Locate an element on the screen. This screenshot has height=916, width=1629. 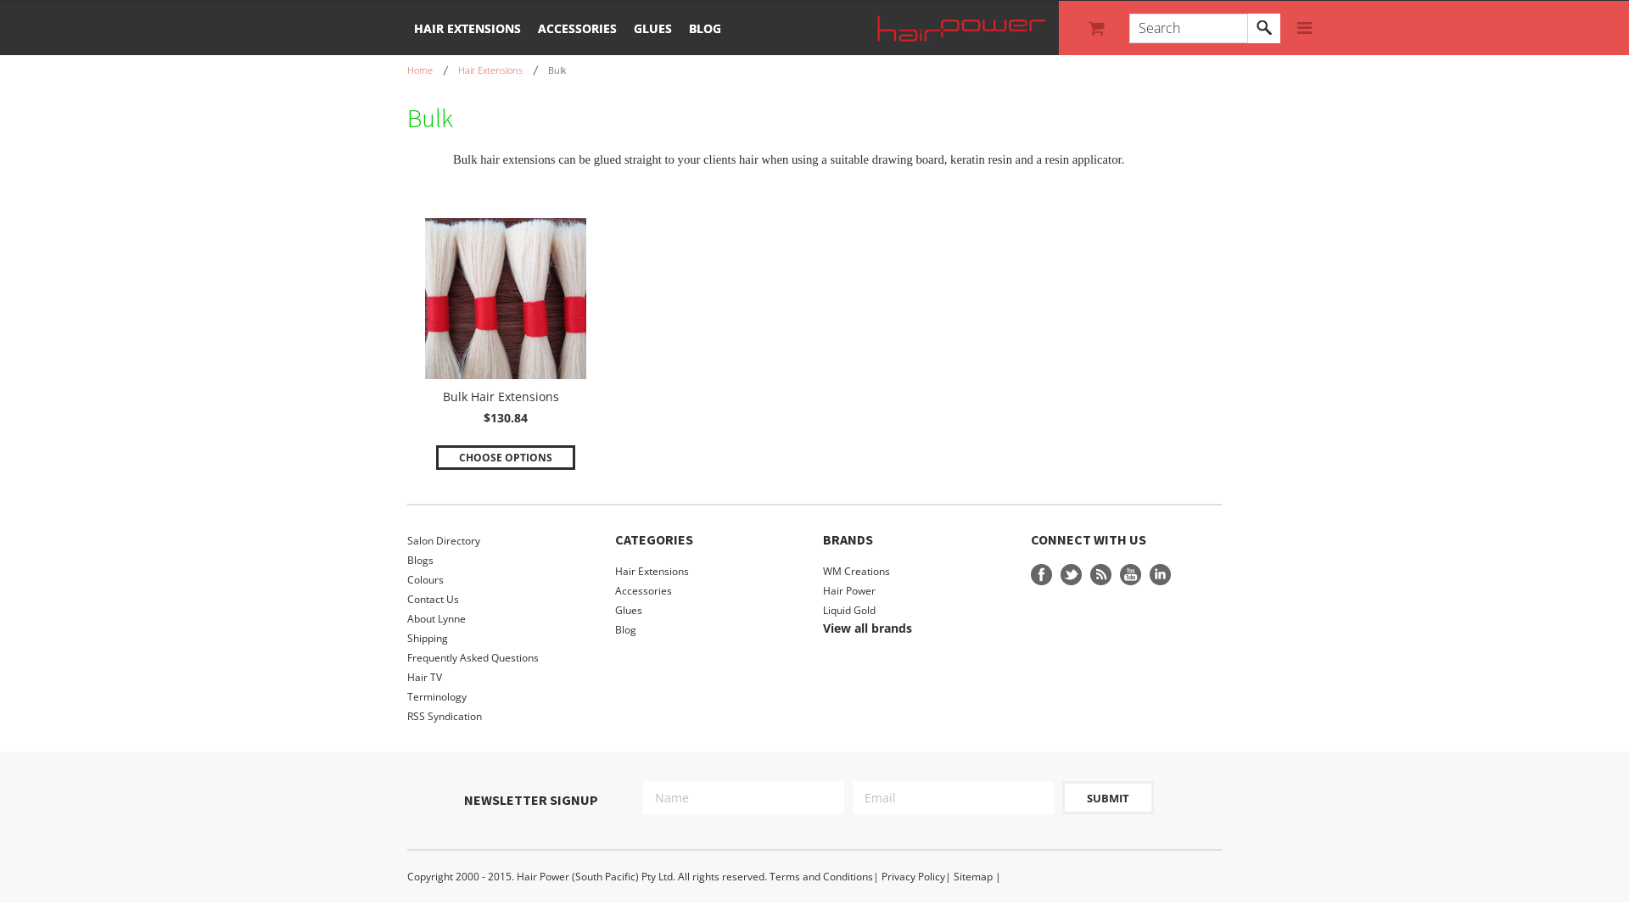
'Bulk Hair Extensions' is located at coordinates (500, 399).